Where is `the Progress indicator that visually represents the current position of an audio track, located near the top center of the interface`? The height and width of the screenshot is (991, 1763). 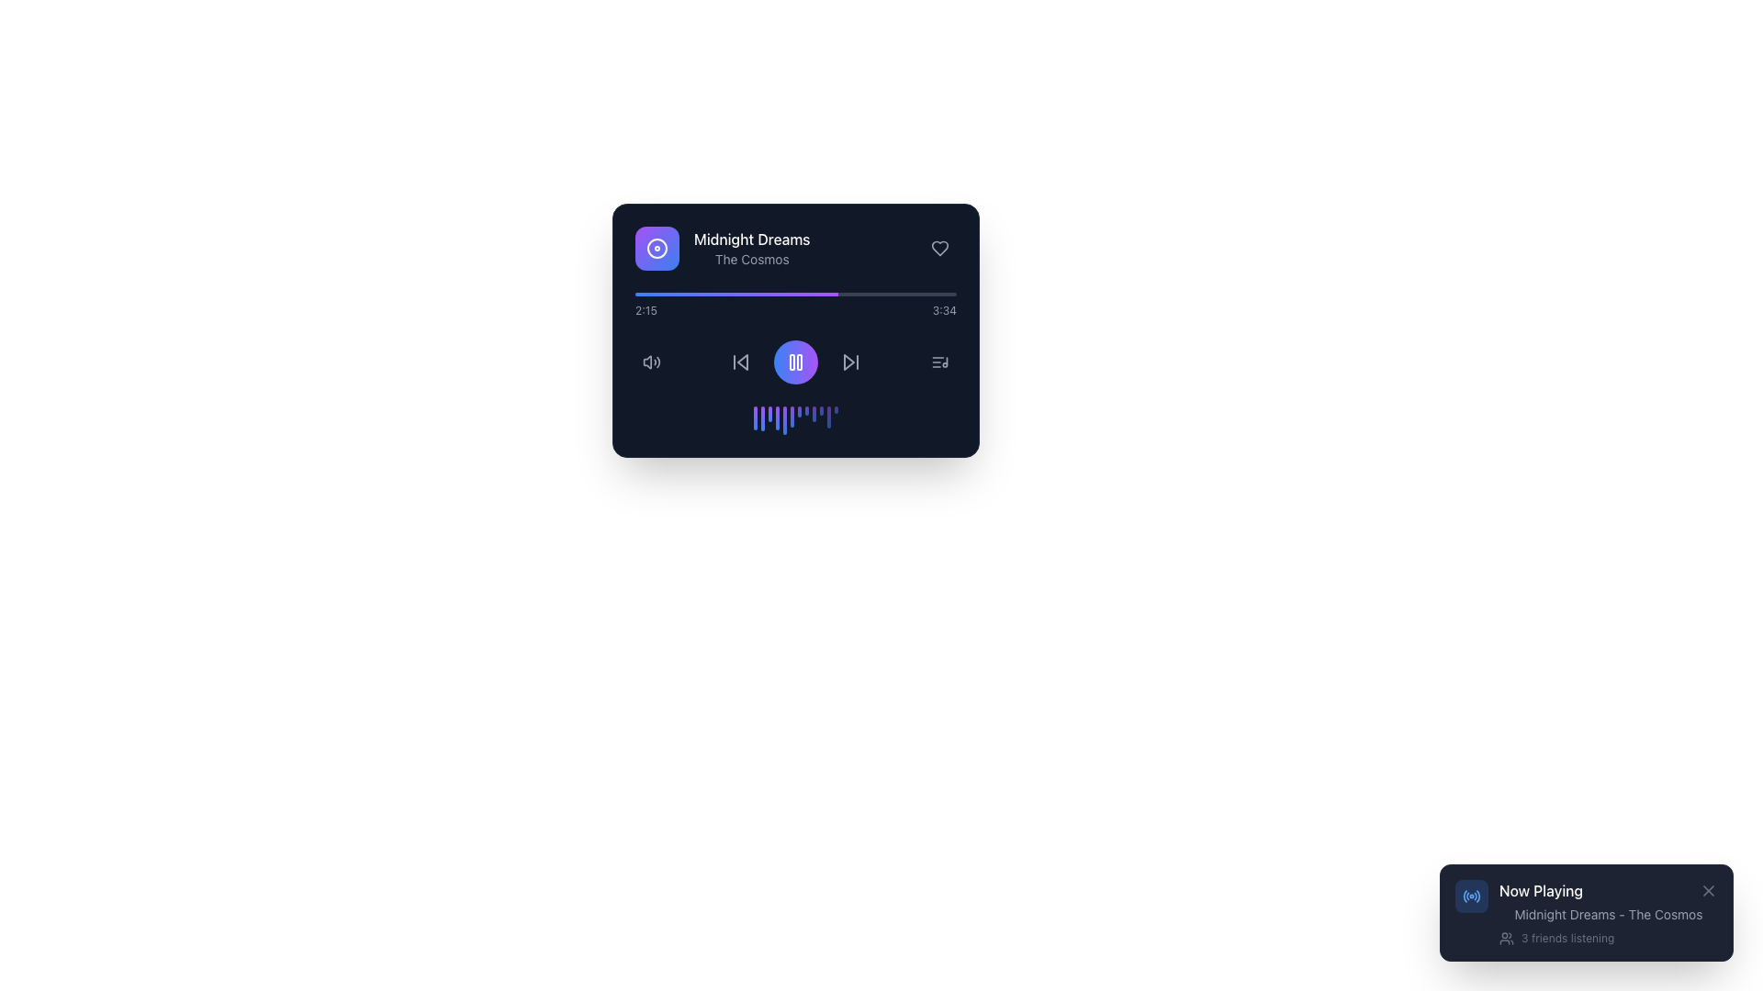
the Progress indicator that visually represents the current position of an audio track, located near the top center of the interface is located at coordinates (736, 293).